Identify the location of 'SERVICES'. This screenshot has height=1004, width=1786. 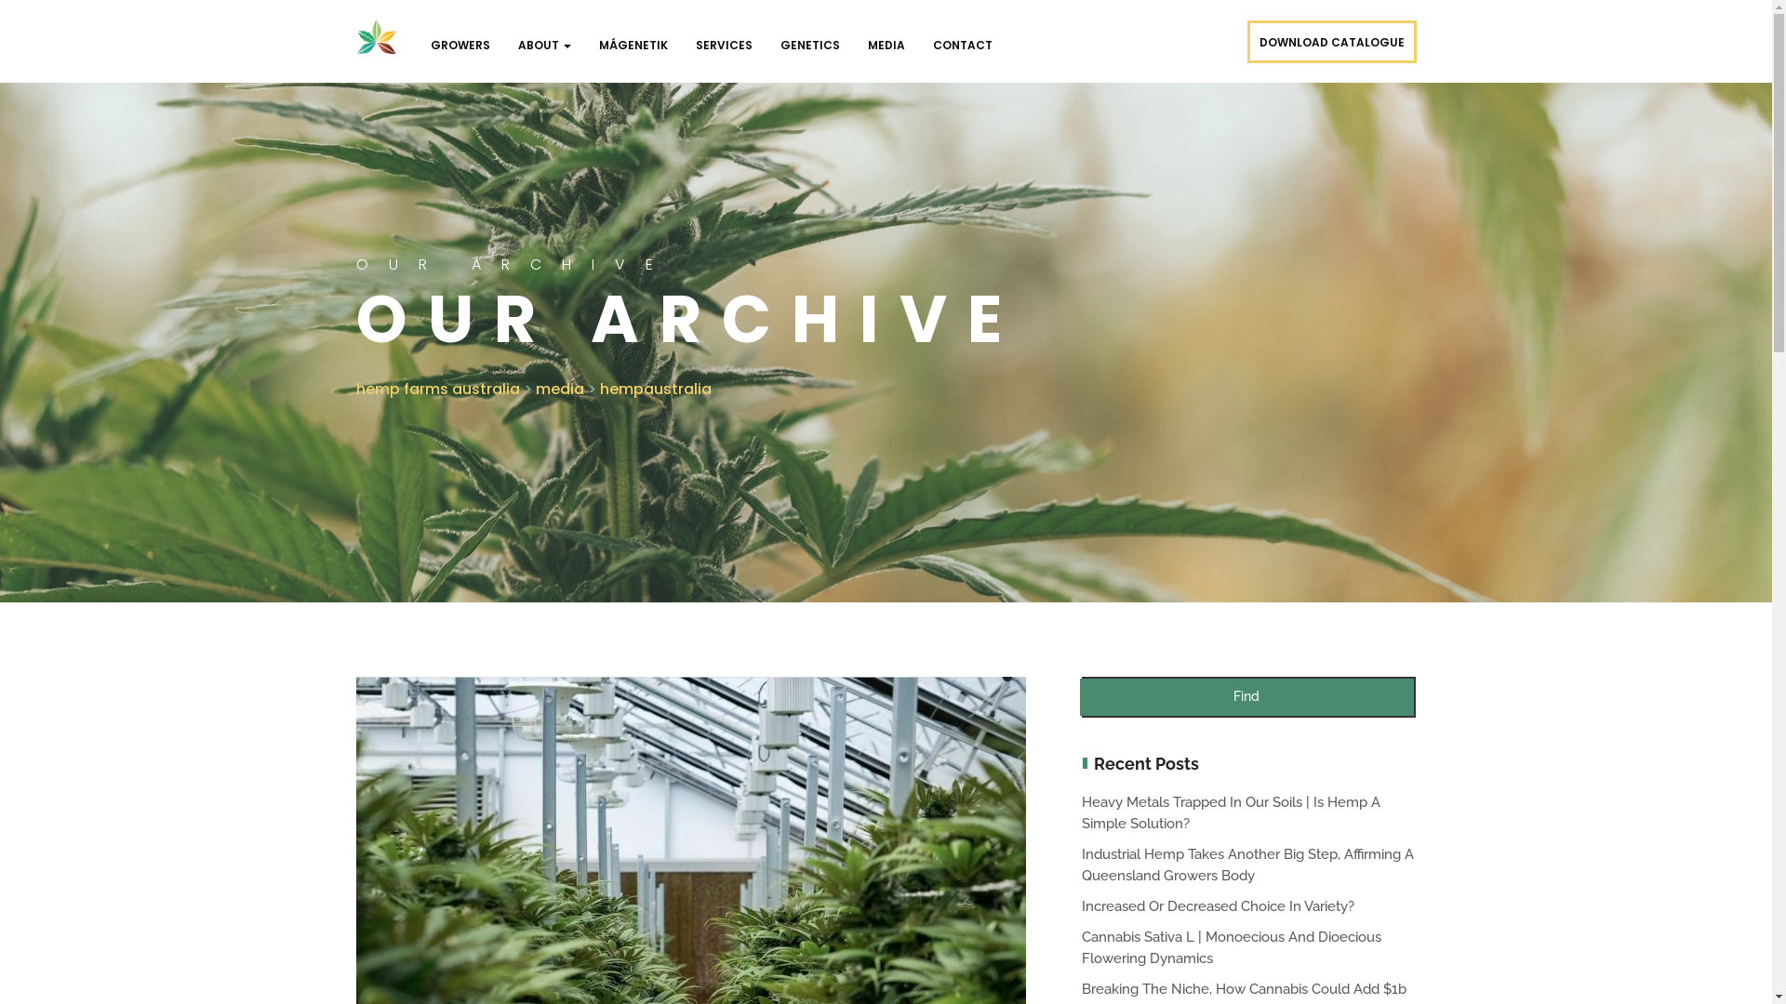
(722, 45).